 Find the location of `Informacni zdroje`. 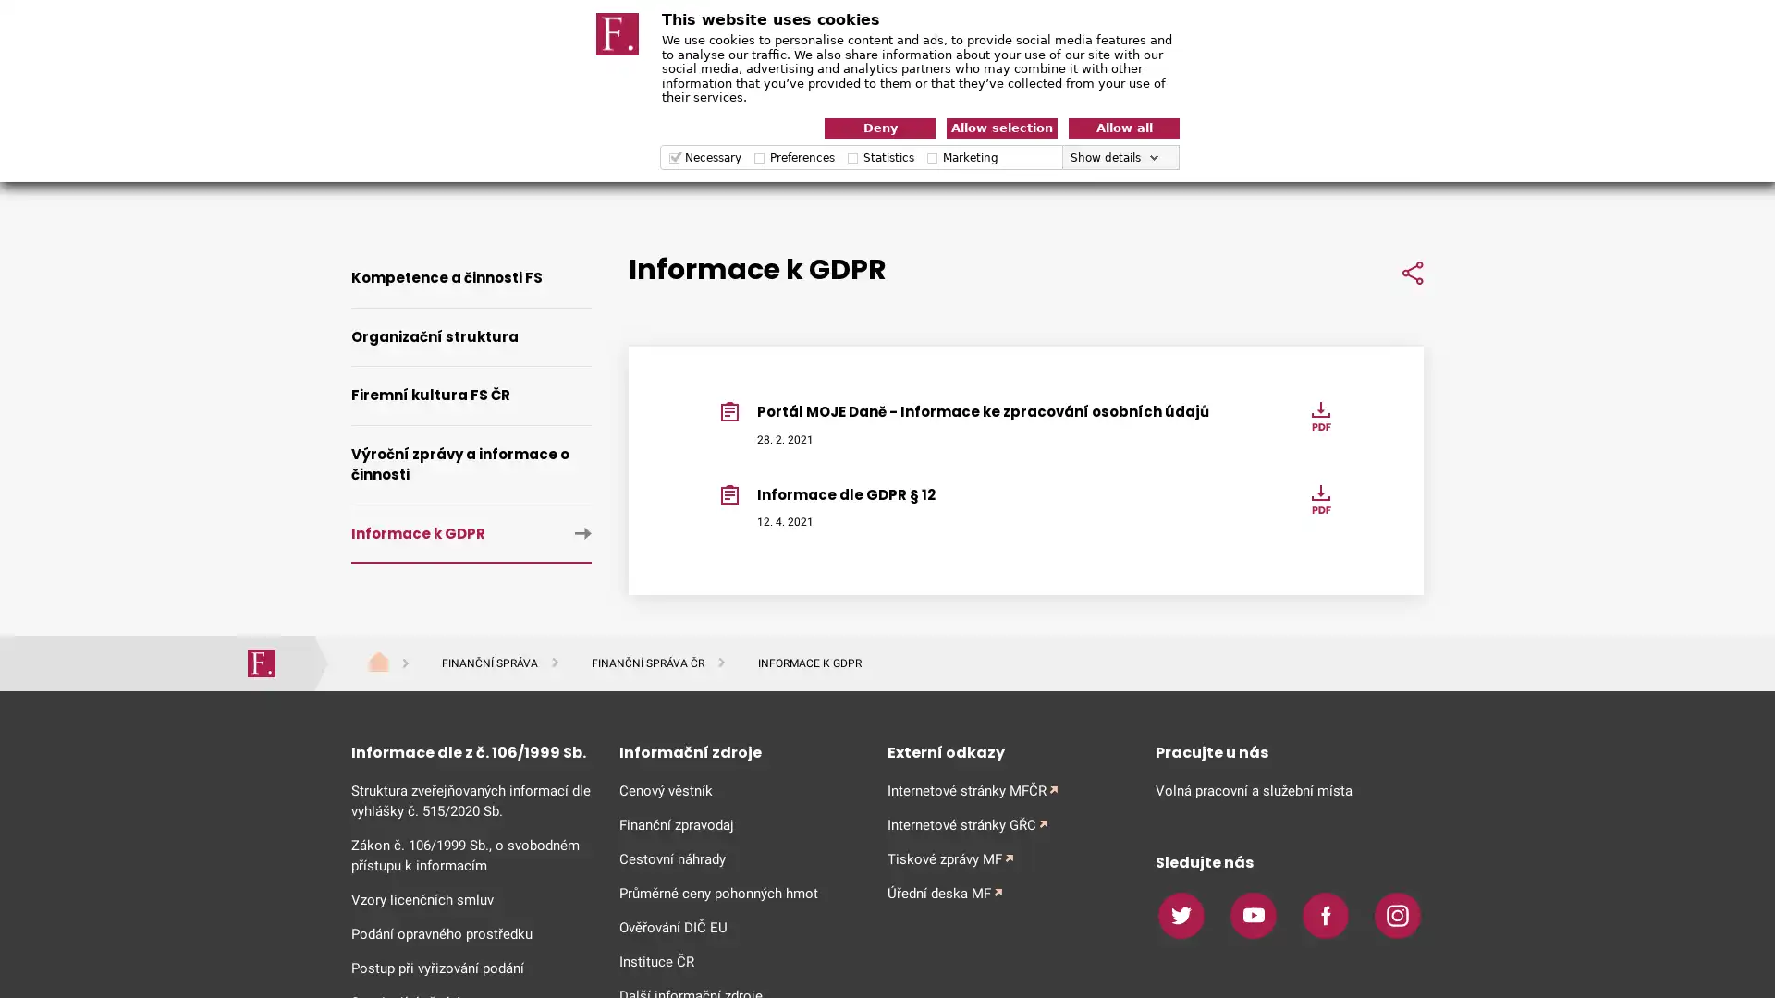

Informacni zdroje is located at coordinates (740, 751).